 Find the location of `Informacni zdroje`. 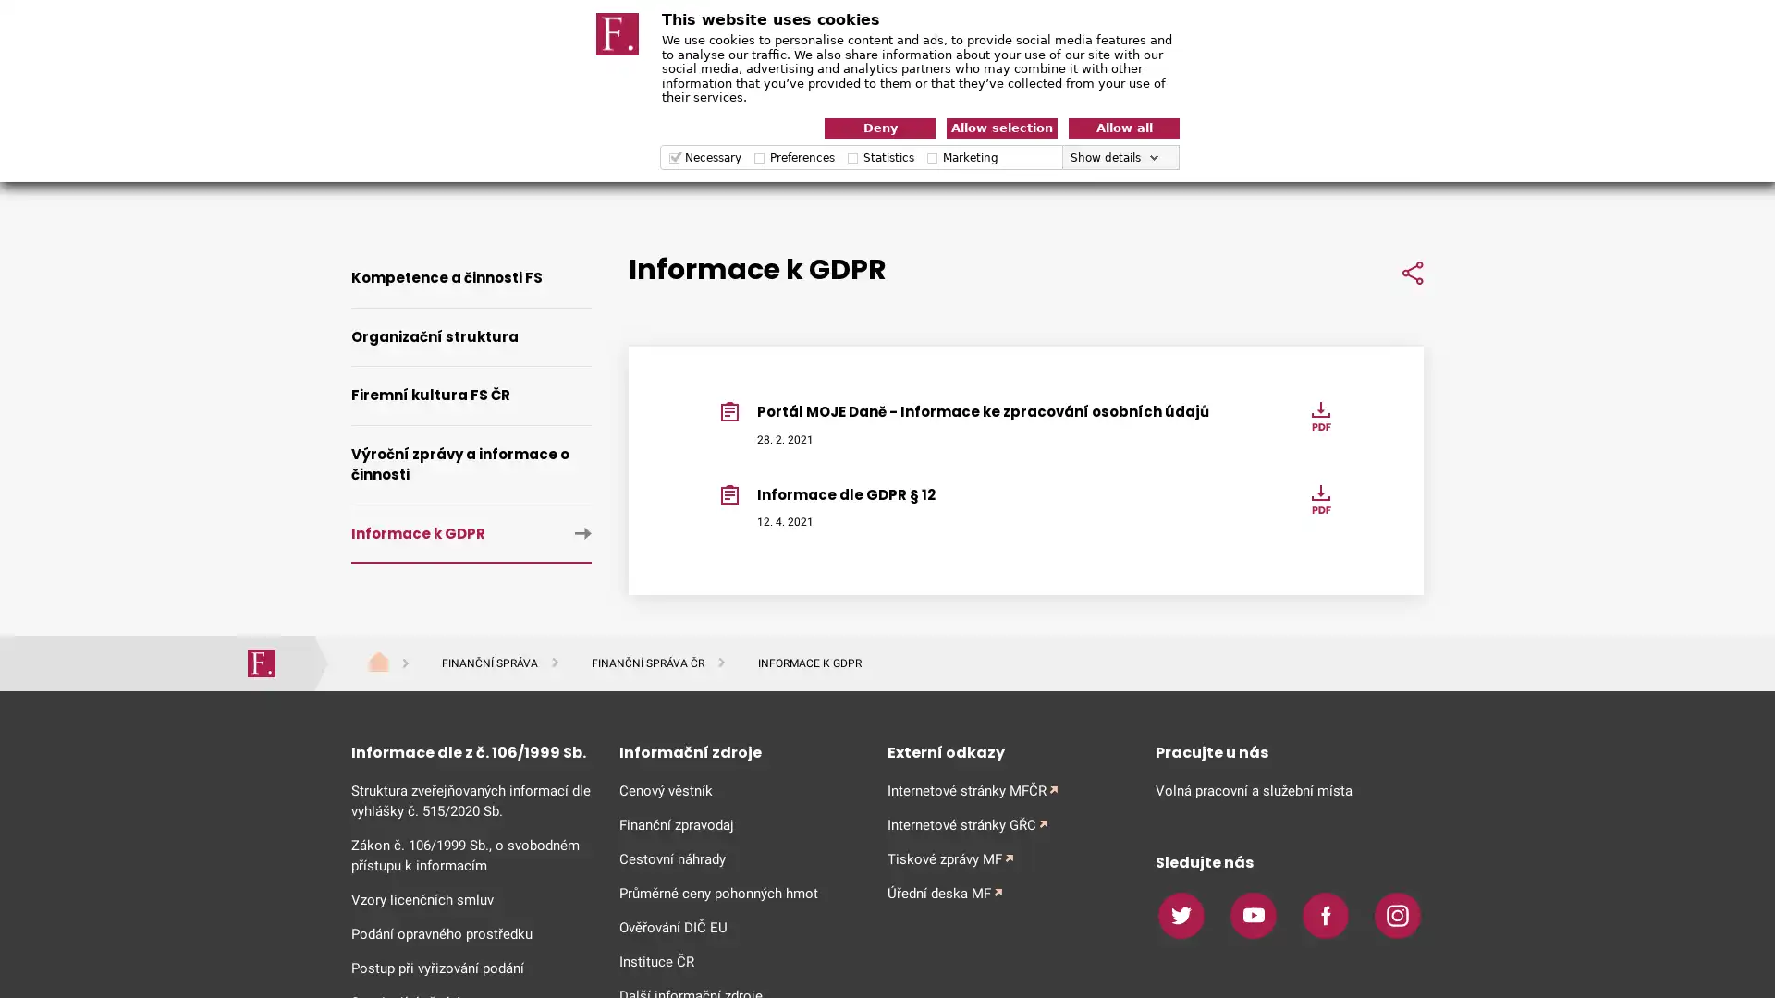

Informacni zdroje is located at coordinates (740, 751).